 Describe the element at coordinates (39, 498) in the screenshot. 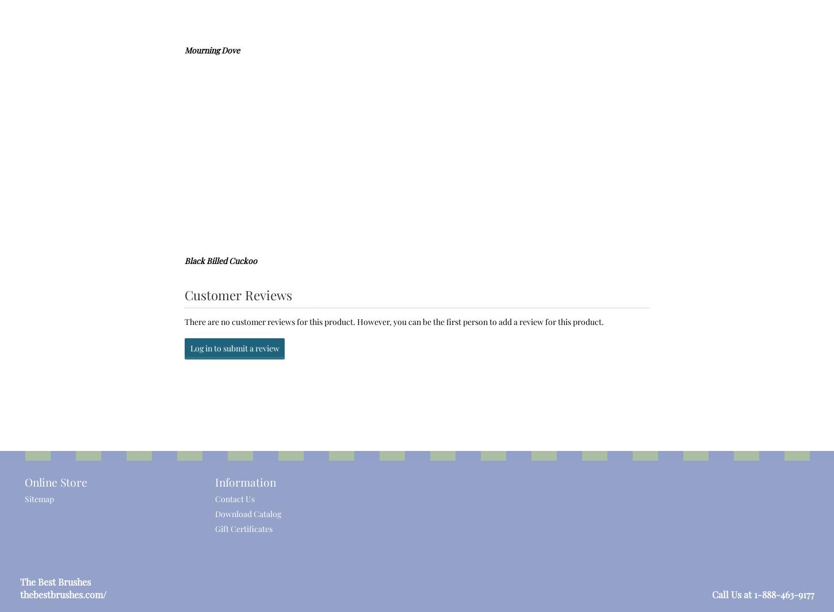

I see `'Sitemap'` at that location.